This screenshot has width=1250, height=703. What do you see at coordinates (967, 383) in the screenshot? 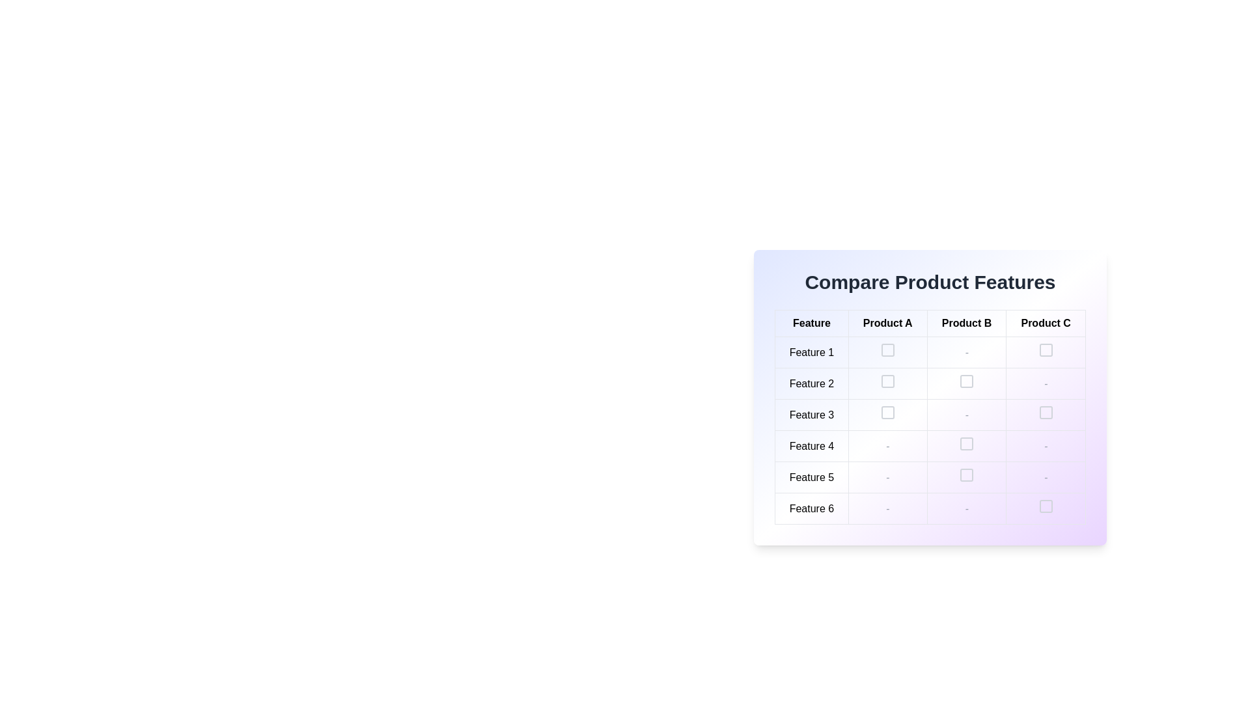
I see `the small, square box with a gray border located under the 'Product B' column in the 'Feature 2' row of the 'Compare Product Features' table` at bounding box center [967, 383].